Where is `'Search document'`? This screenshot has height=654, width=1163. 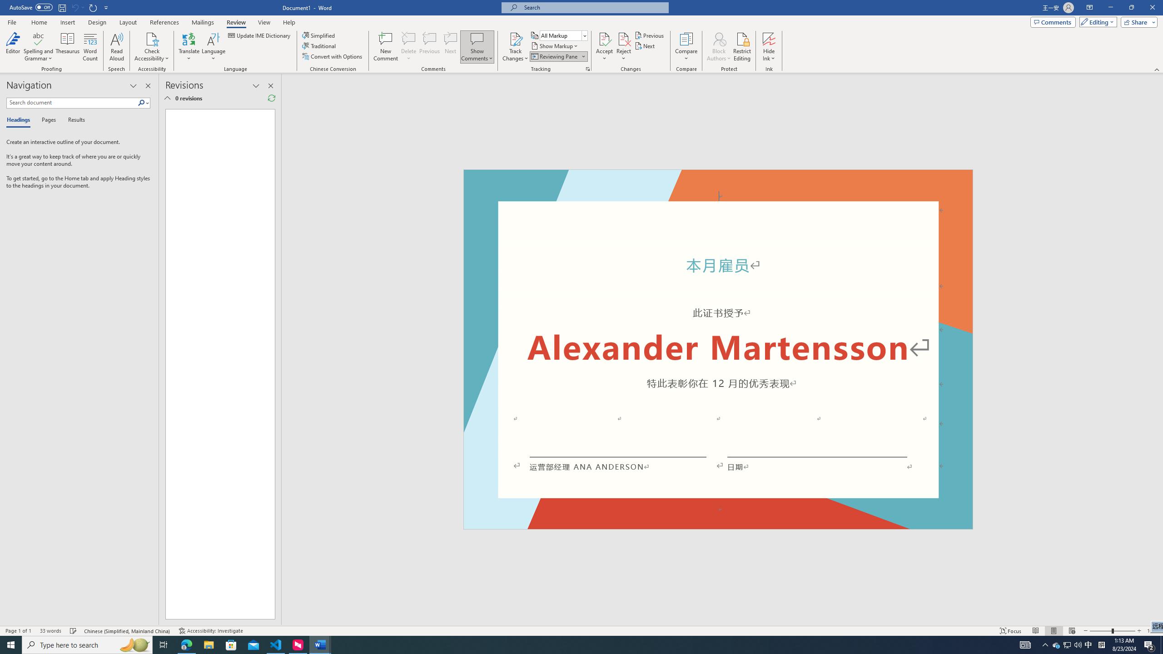
'Search document' is located at coordinates (72, 102).